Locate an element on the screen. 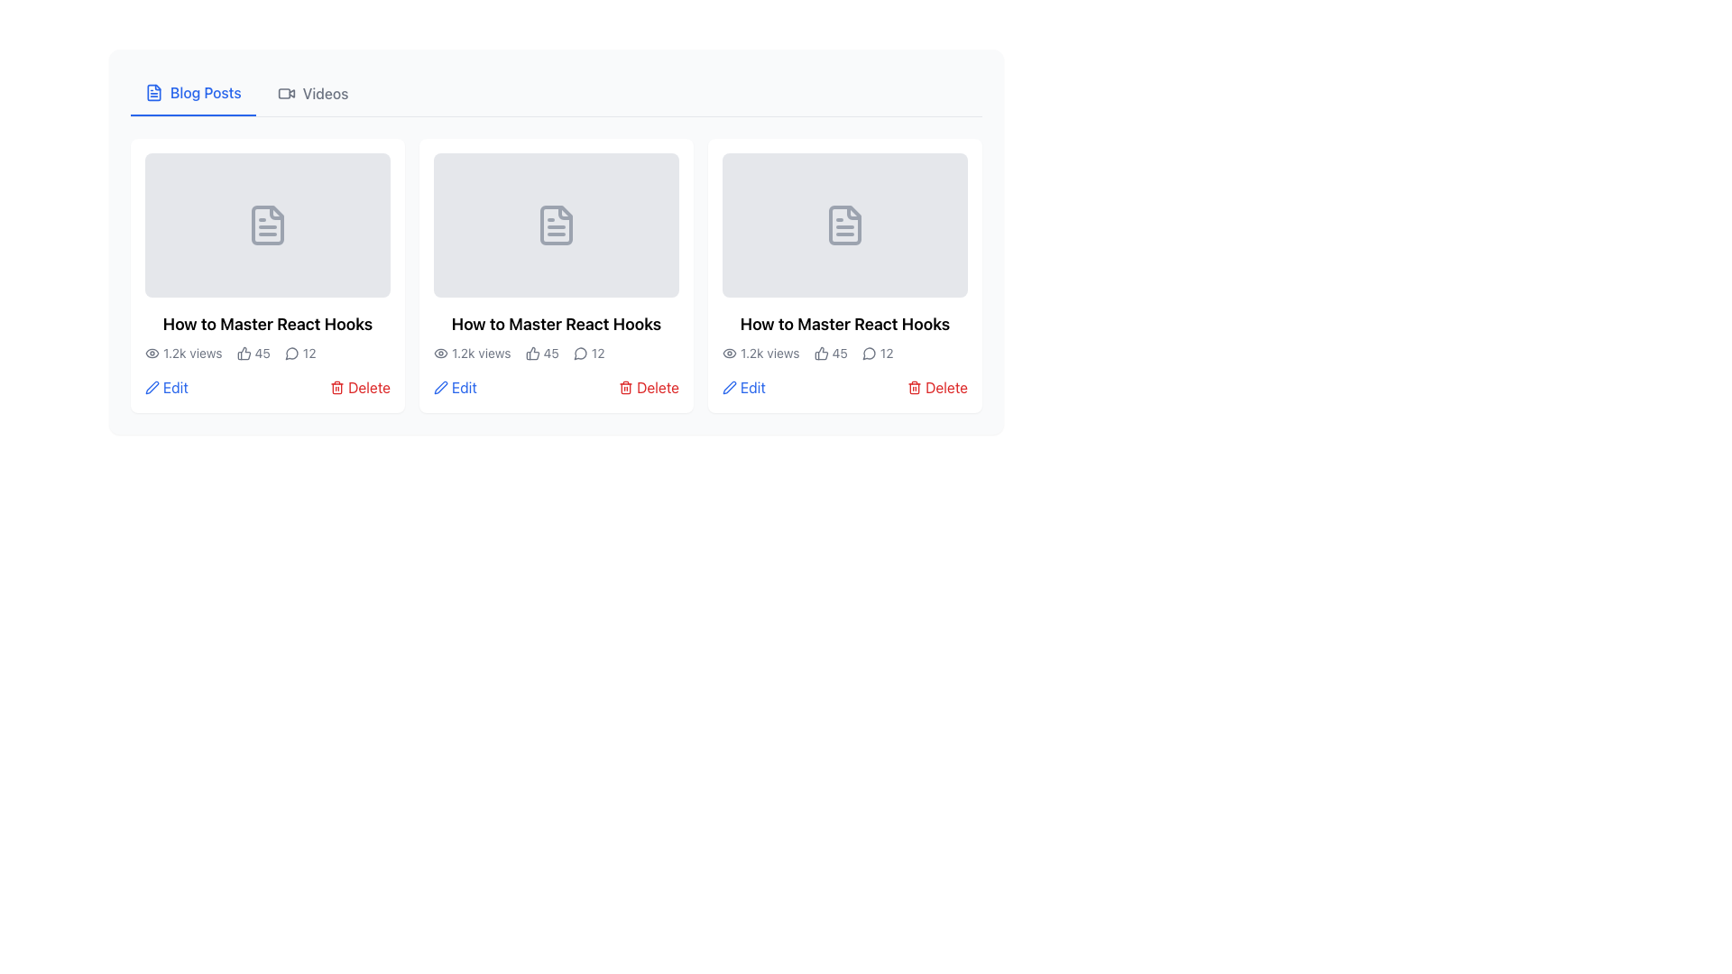 The height and width of the screenshot is (974, 1732). the small circular speech bubble icon, which is the last in a row of similar icons below a blog post card is located at coordinates (580, 354).